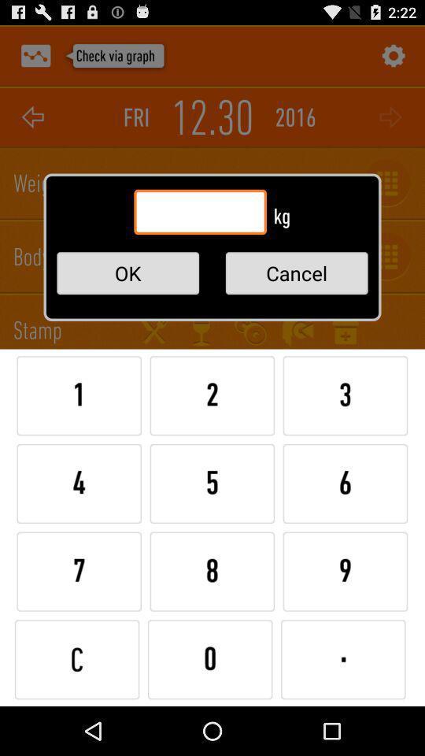  What do you see at coordinates (35, 59) in the screenshot?
I see `the wallpaper icon` at bounding box center [35, 59].